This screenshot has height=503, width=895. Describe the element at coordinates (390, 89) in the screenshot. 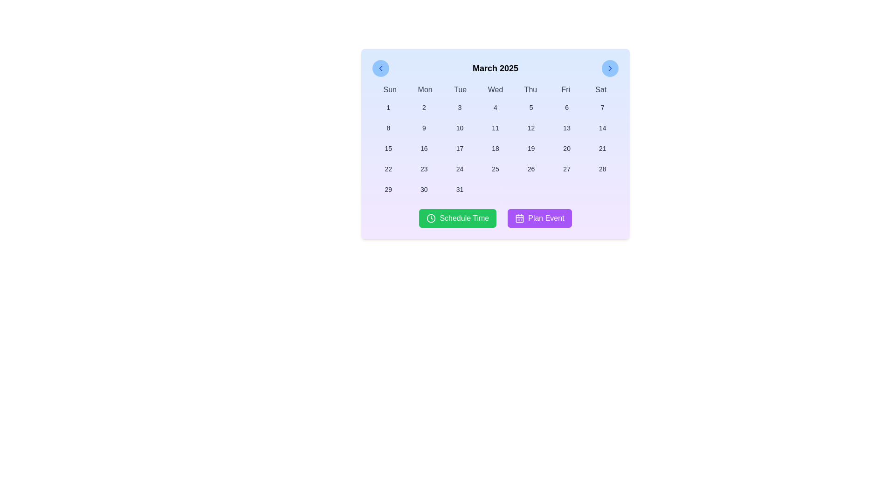

I see `the text label displaying 'Sun' in black font, located at the top-left corner of the calendar grid` at that location.